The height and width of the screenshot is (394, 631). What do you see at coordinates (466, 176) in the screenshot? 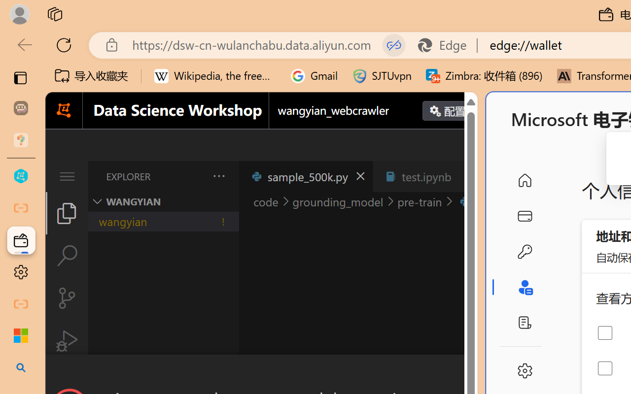
I see `'Close (Ctrl+F4)'` at bounding box center [466, 176].